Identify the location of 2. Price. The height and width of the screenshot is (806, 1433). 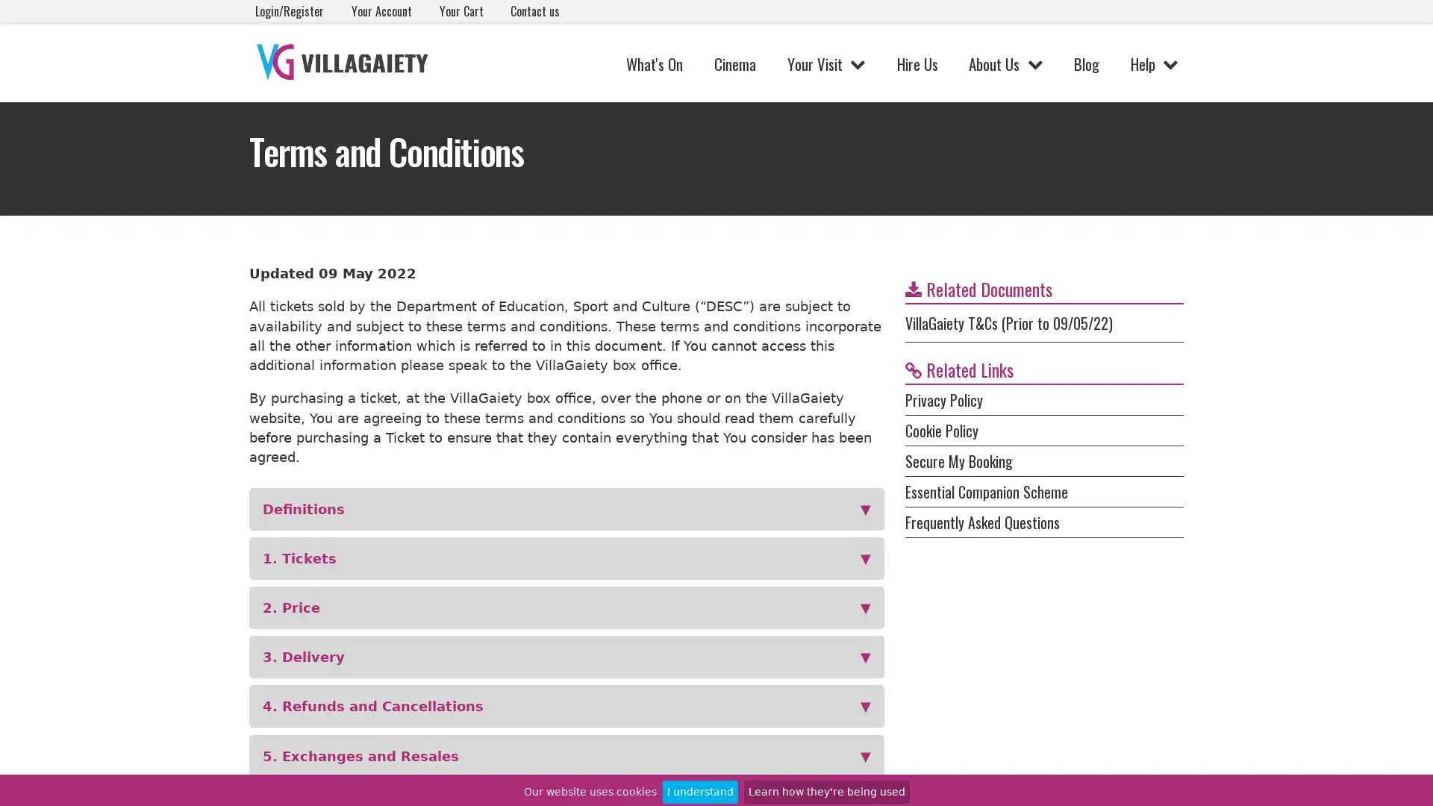
(566, 607).